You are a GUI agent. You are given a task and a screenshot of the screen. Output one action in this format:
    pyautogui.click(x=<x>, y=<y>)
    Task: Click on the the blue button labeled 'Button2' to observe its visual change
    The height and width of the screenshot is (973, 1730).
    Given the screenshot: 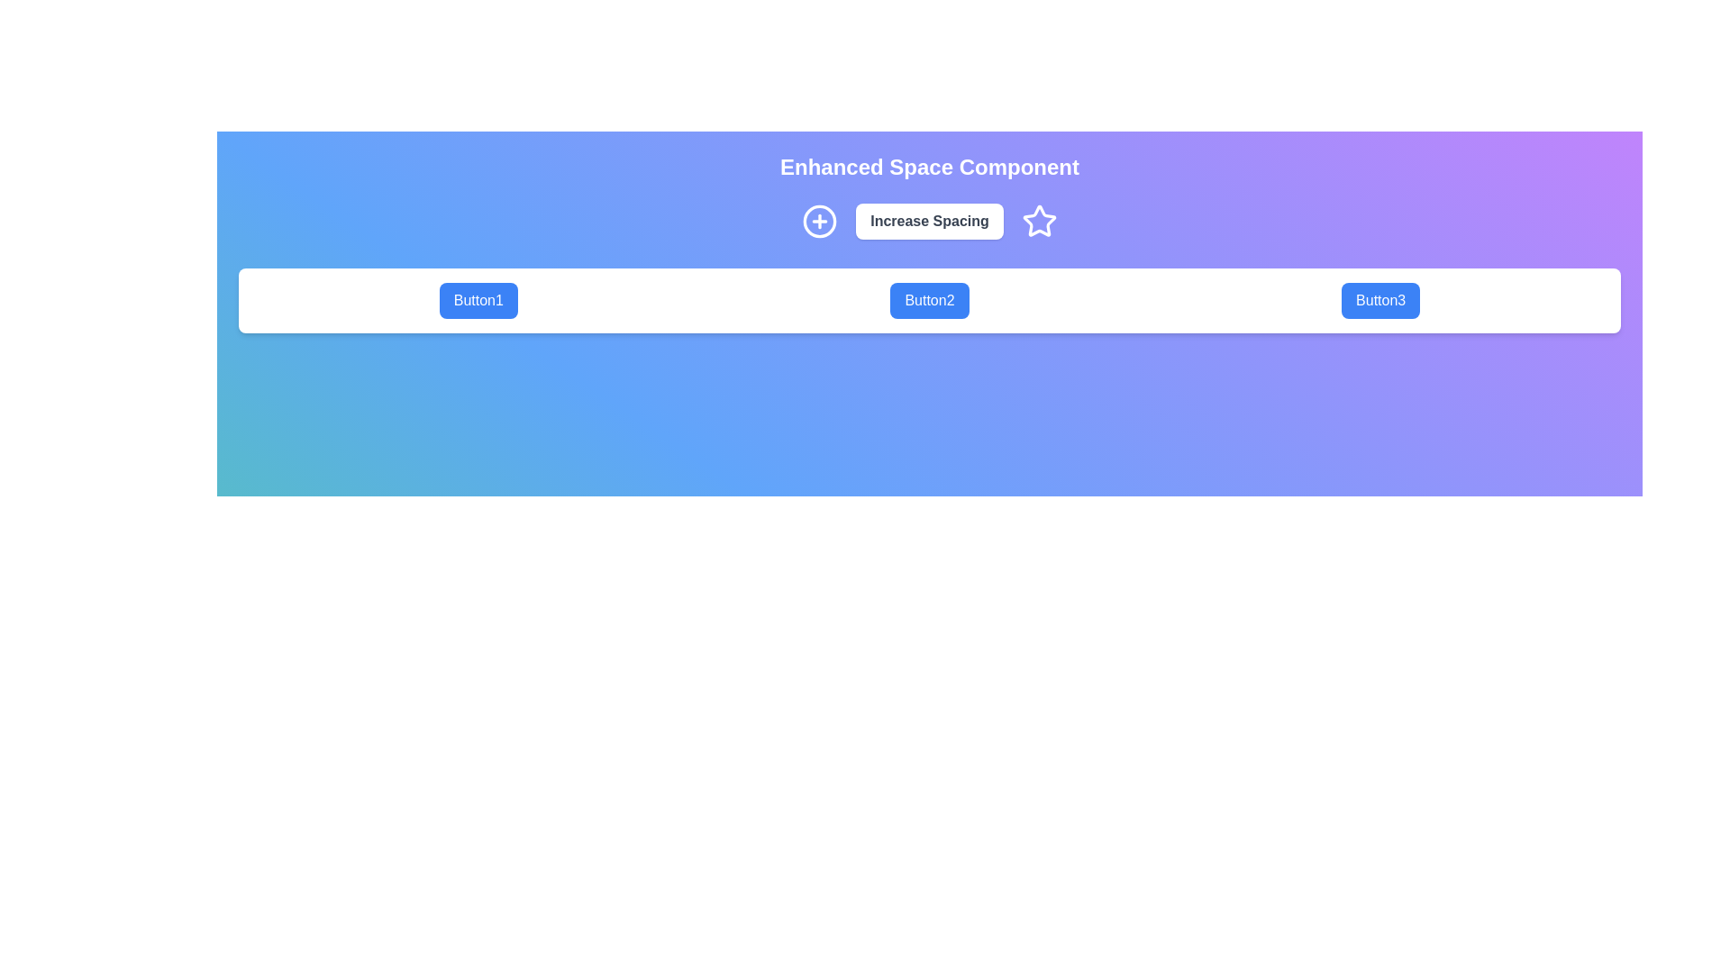 What is the action you would take?
    pyautogui.click(x=930, y=300)
    